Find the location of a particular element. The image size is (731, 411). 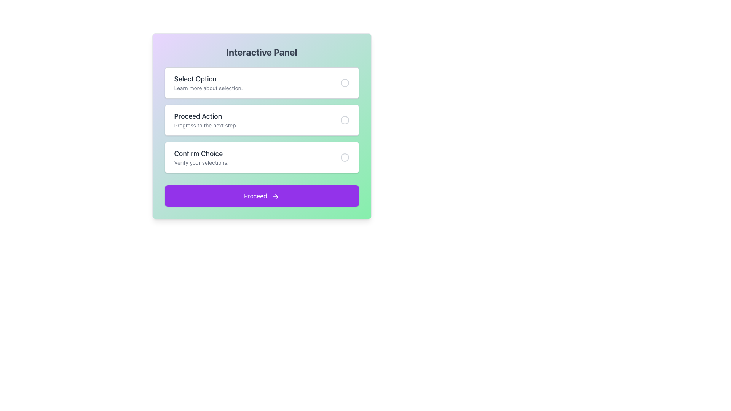

the supplementary information text located beneath the heading in the 'Confirm Choice' section is located at coordinates (201, 162).